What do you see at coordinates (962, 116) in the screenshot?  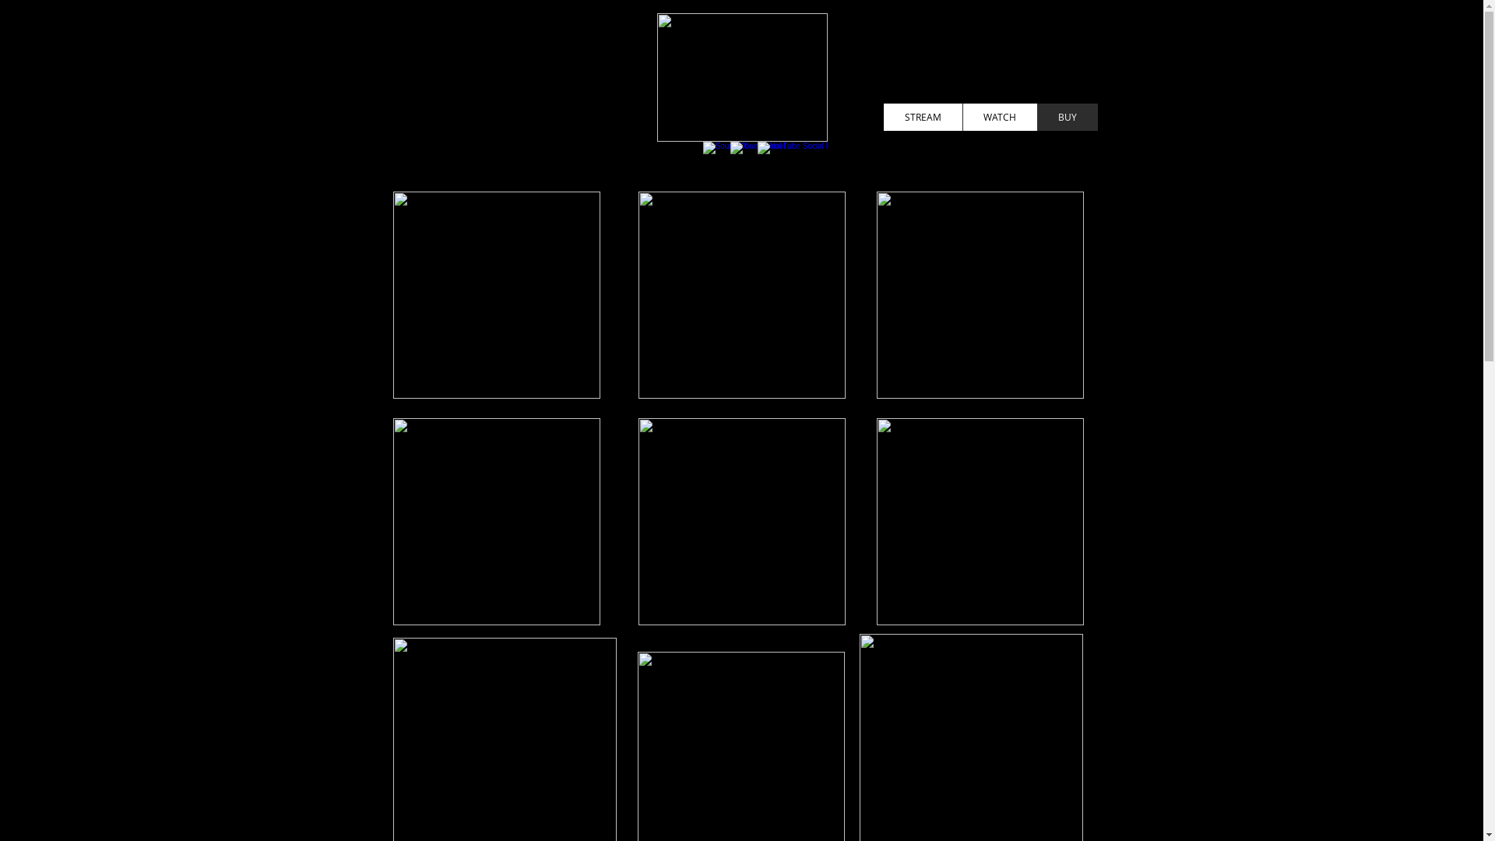 I see `'WATCH'` at bounding box center [962, 116].